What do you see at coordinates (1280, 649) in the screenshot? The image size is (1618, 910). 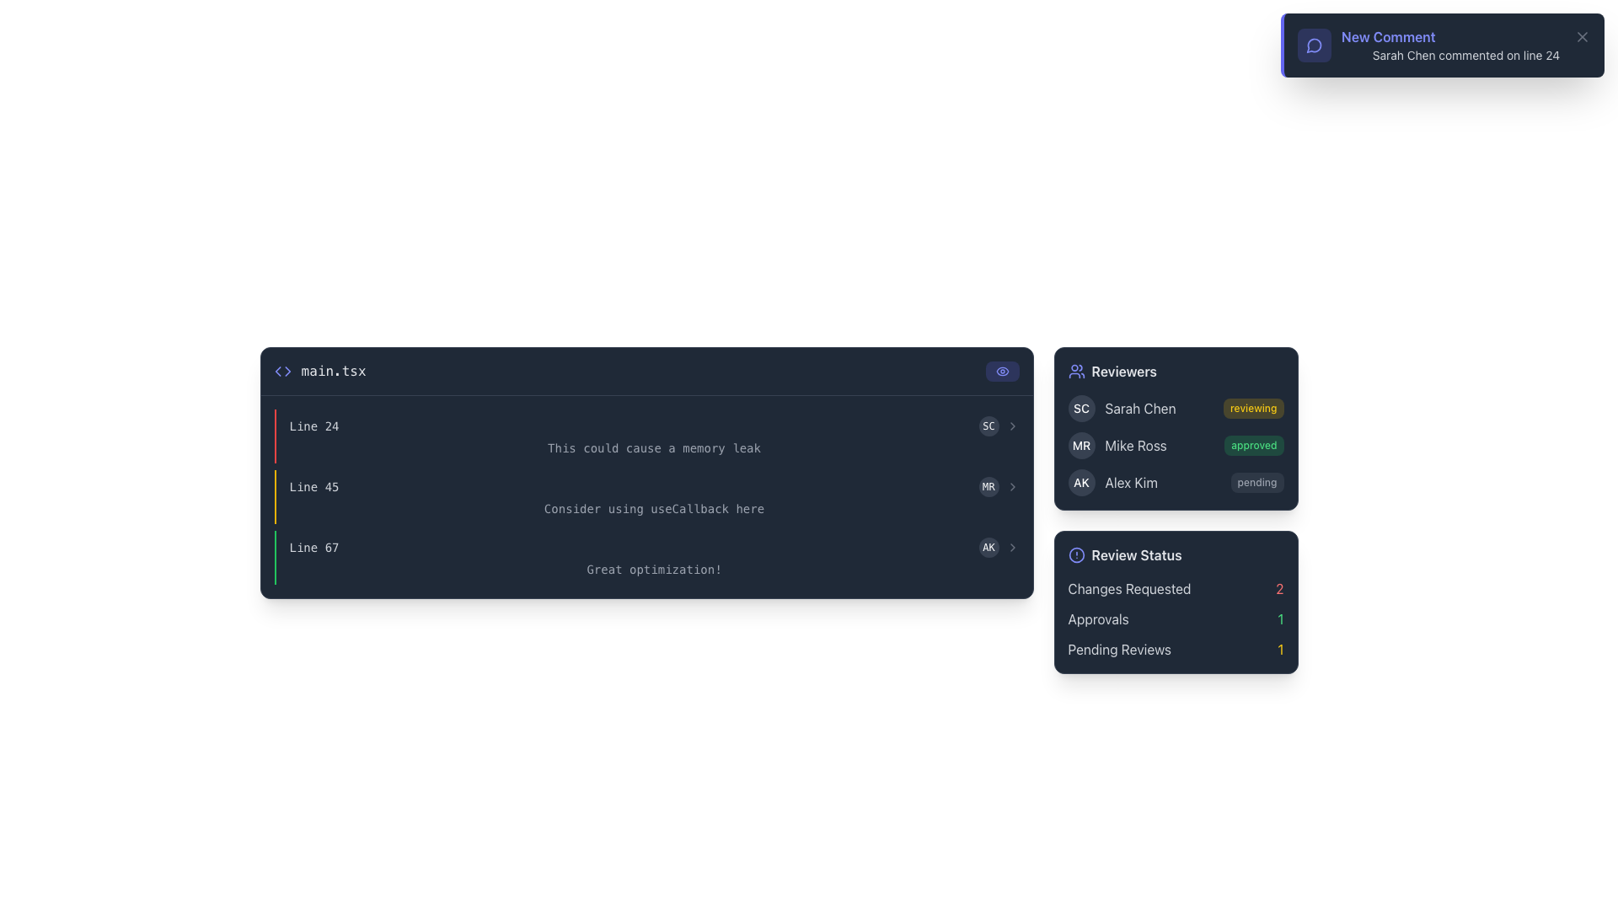 I see `the yellow-colored numeric text '1' in the 'Pending Reviews' row within the 'Review Status' section` at bounding box center [1280, 649].